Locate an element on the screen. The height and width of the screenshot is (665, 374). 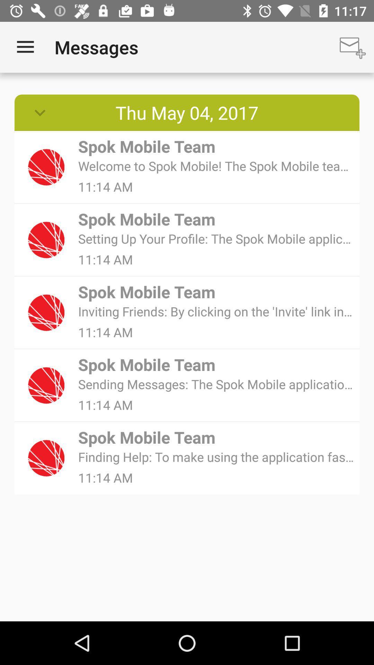
the inviting friends by is located at coordinates (216, 311).